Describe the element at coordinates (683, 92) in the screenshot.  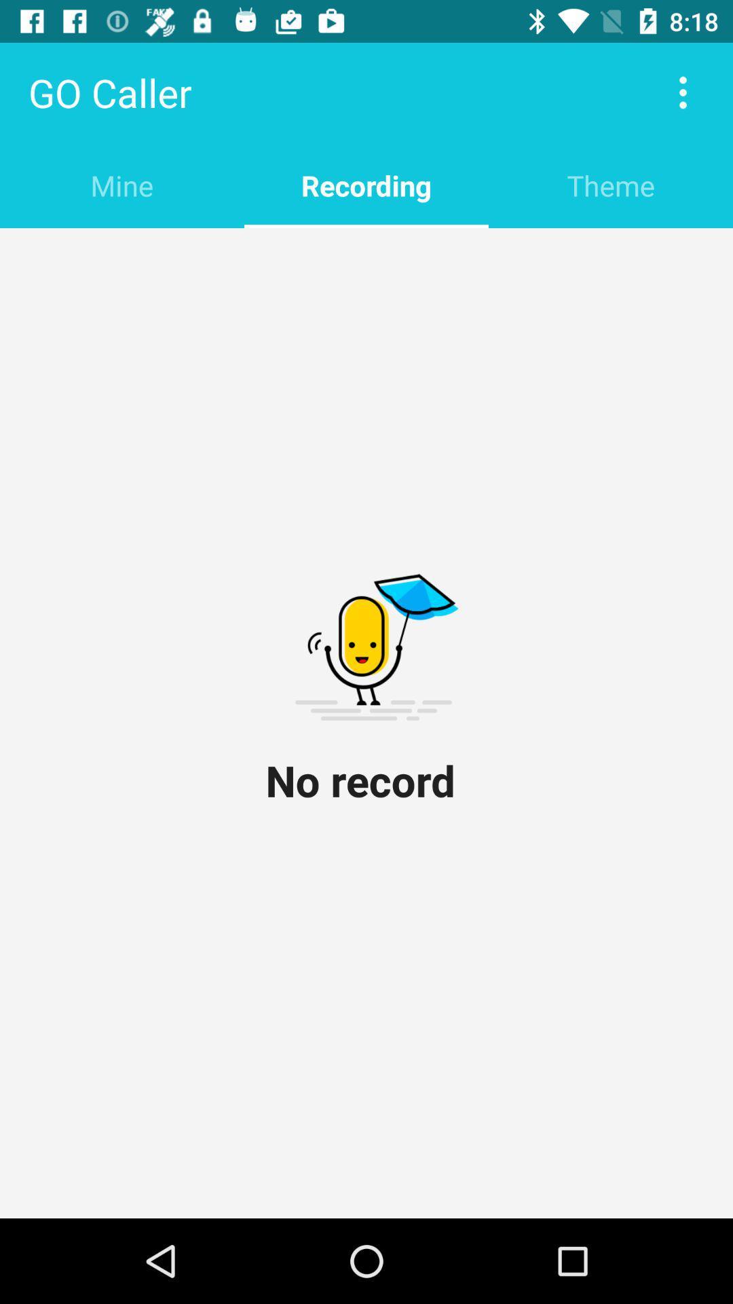
I see `the icon above theme icon` at that location.